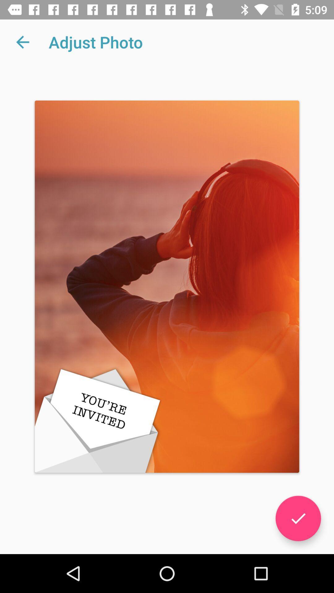  Describe the element at coordinates (22, 42) in the screenshot. I see `item to the left of adjust photo item` at that location.